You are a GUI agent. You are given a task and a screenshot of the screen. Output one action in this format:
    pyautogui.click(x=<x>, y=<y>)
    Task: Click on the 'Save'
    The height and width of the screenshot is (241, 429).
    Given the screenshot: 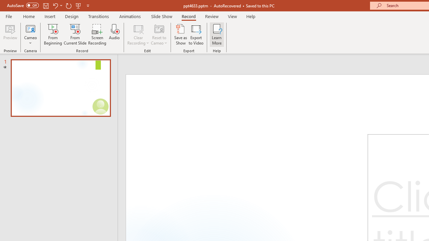 What is the action you would take?
    pyautogui.click(x=45, y=5)
    